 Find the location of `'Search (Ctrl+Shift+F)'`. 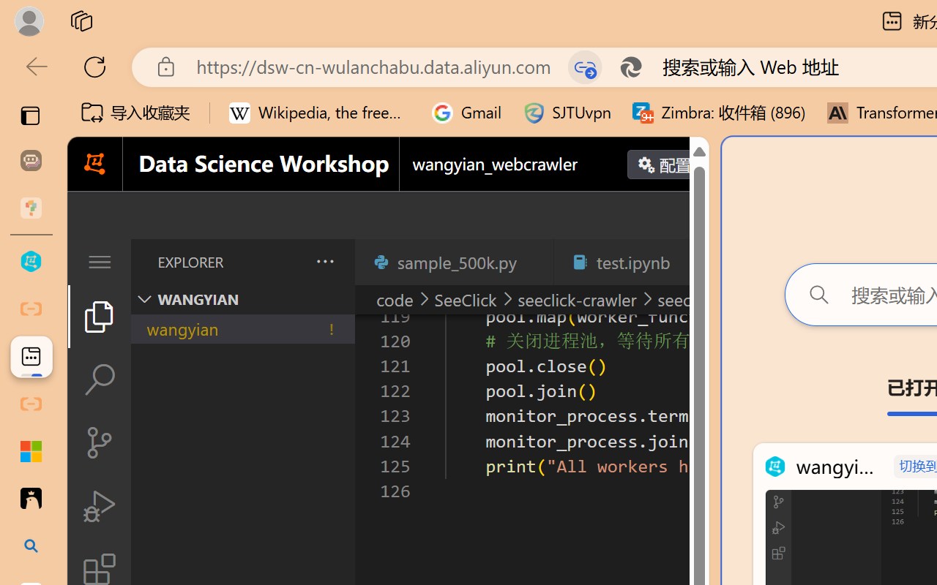

'Search (Ctrl+Shift+F)' is located at coordinates (98, 379).